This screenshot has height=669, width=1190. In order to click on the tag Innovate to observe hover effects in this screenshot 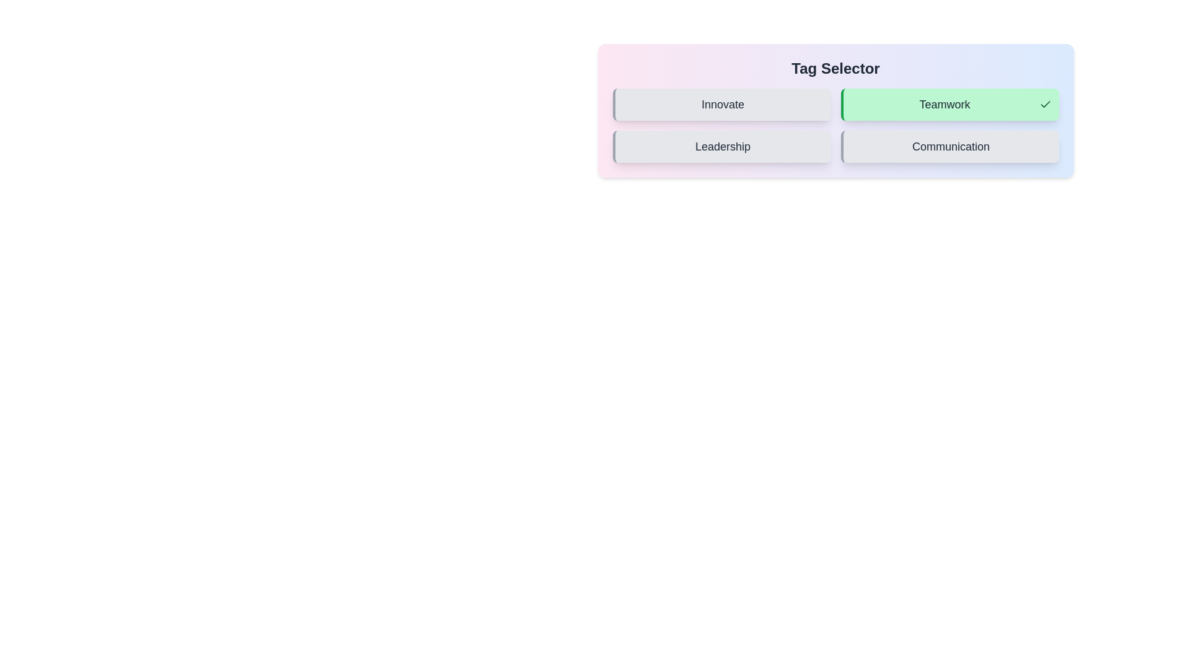, I will do `click(721, 104)`.